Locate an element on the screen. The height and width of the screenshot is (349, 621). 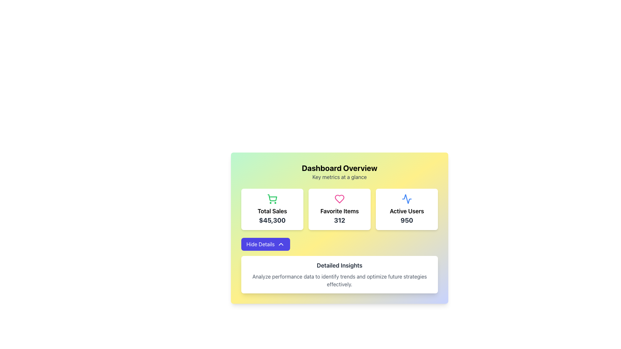
the favorite items card, which is the middle card in a grid layout, displaying a count of favorite items with an associated icon is located at coordinates (339, 209).